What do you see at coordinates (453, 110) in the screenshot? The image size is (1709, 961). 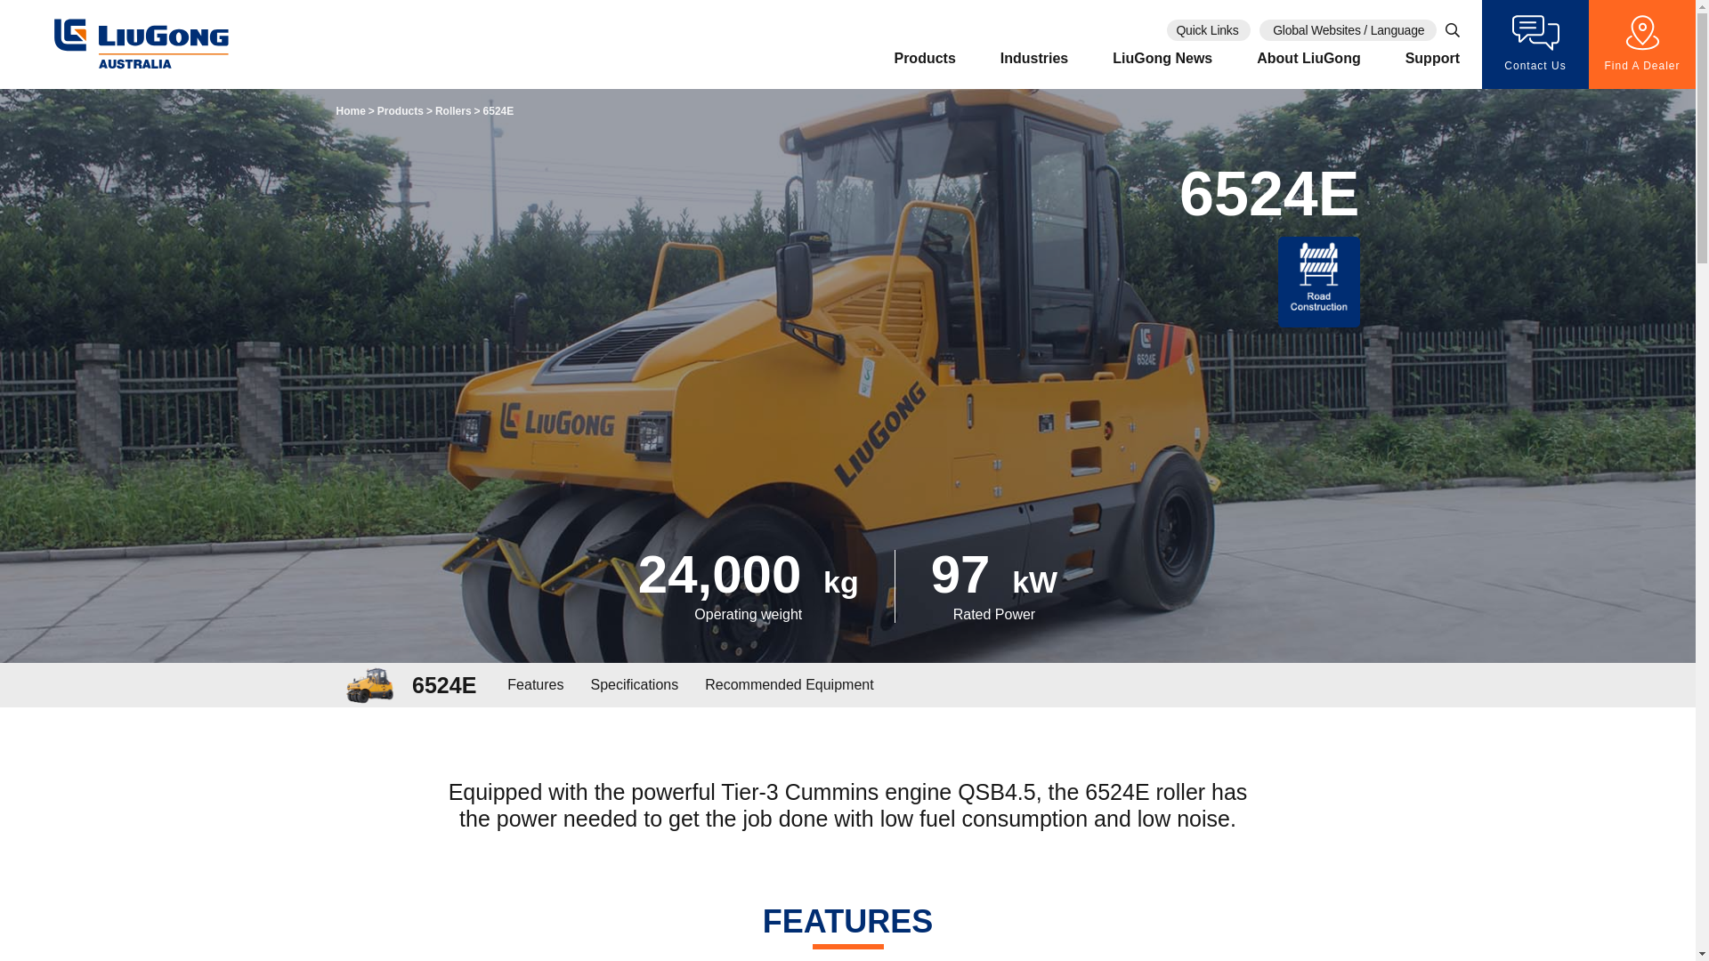 I see `'Rollers'` at bounding box center [453, 110].